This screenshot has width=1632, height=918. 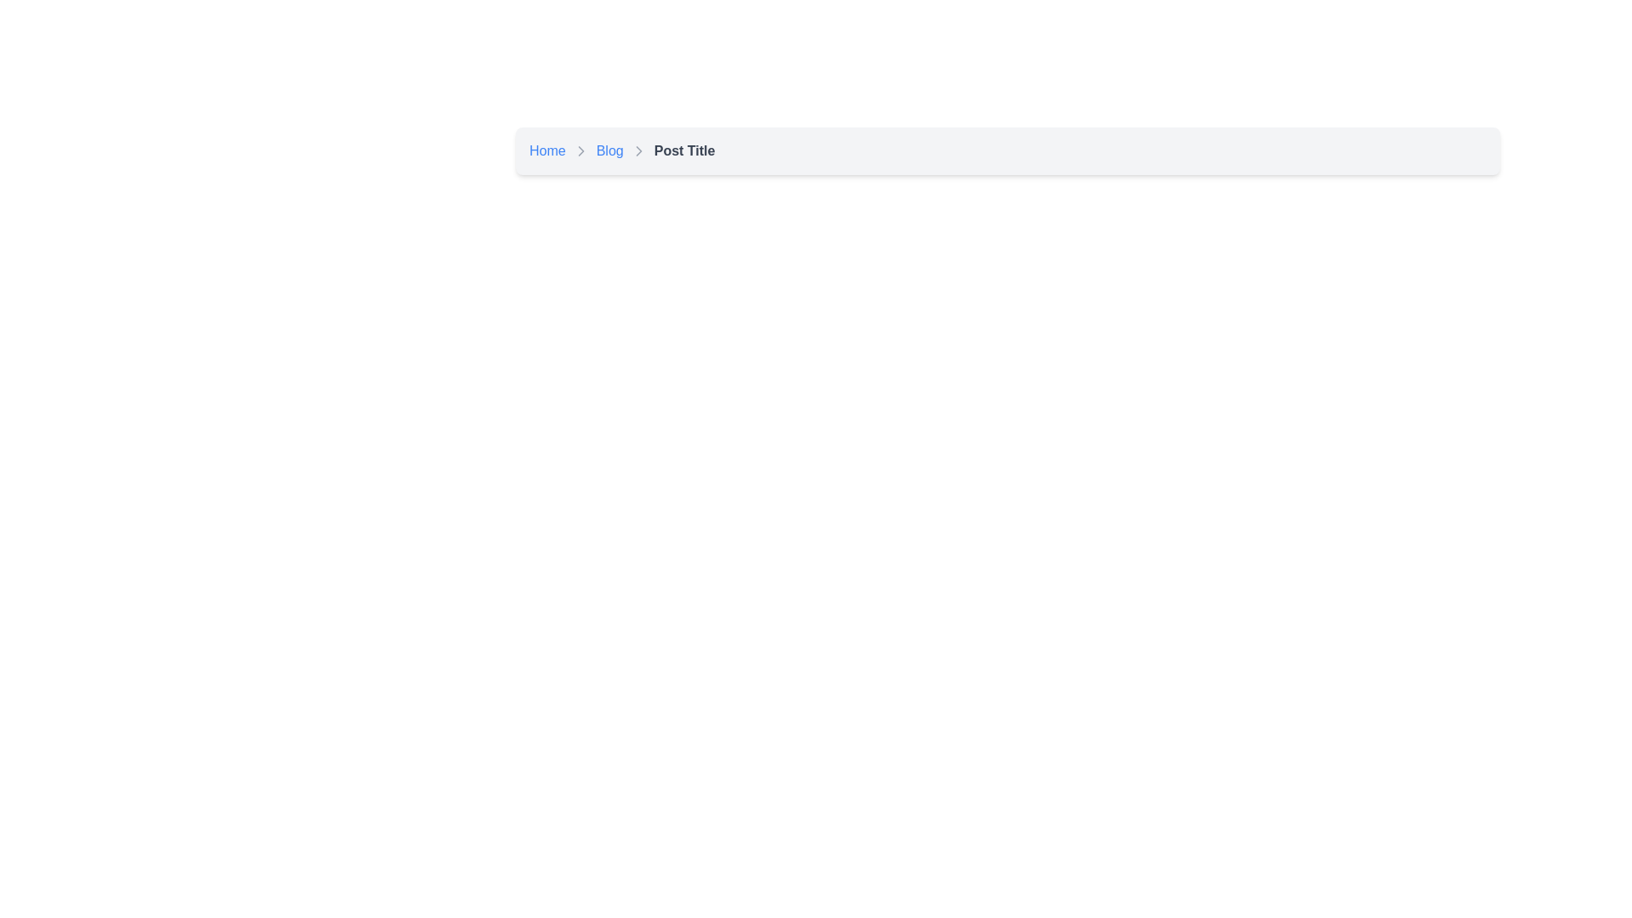 What do you see at coordinates (684, 150) in the screenshot?
I see `the Text Label that displays the current page or section title in the breadcrumb navigation system, located to the right of the 'Blog' item` at bounding box center [684, 150].